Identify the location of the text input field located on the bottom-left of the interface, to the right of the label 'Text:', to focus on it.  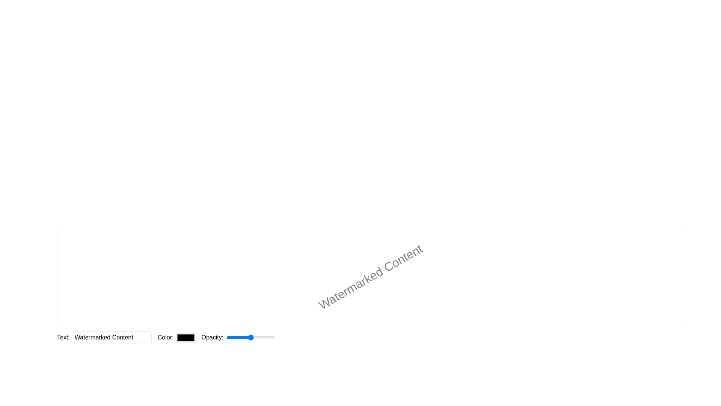
(112, 337).